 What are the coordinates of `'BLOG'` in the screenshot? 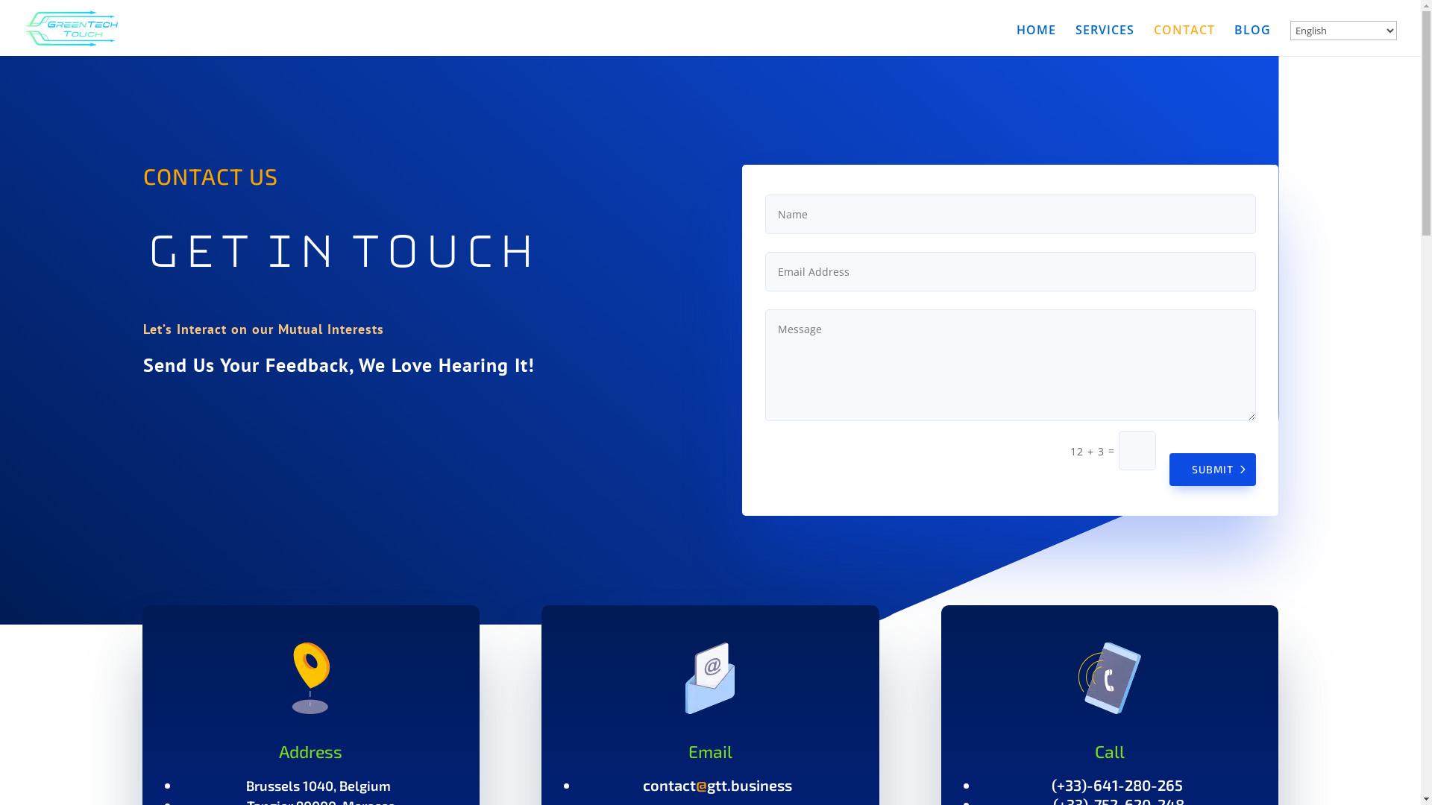 It's located at (1252, 40).